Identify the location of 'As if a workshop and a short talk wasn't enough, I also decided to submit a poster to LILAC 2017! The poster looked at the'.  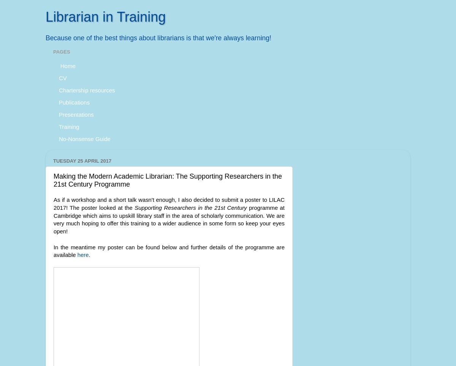
(169, 203).